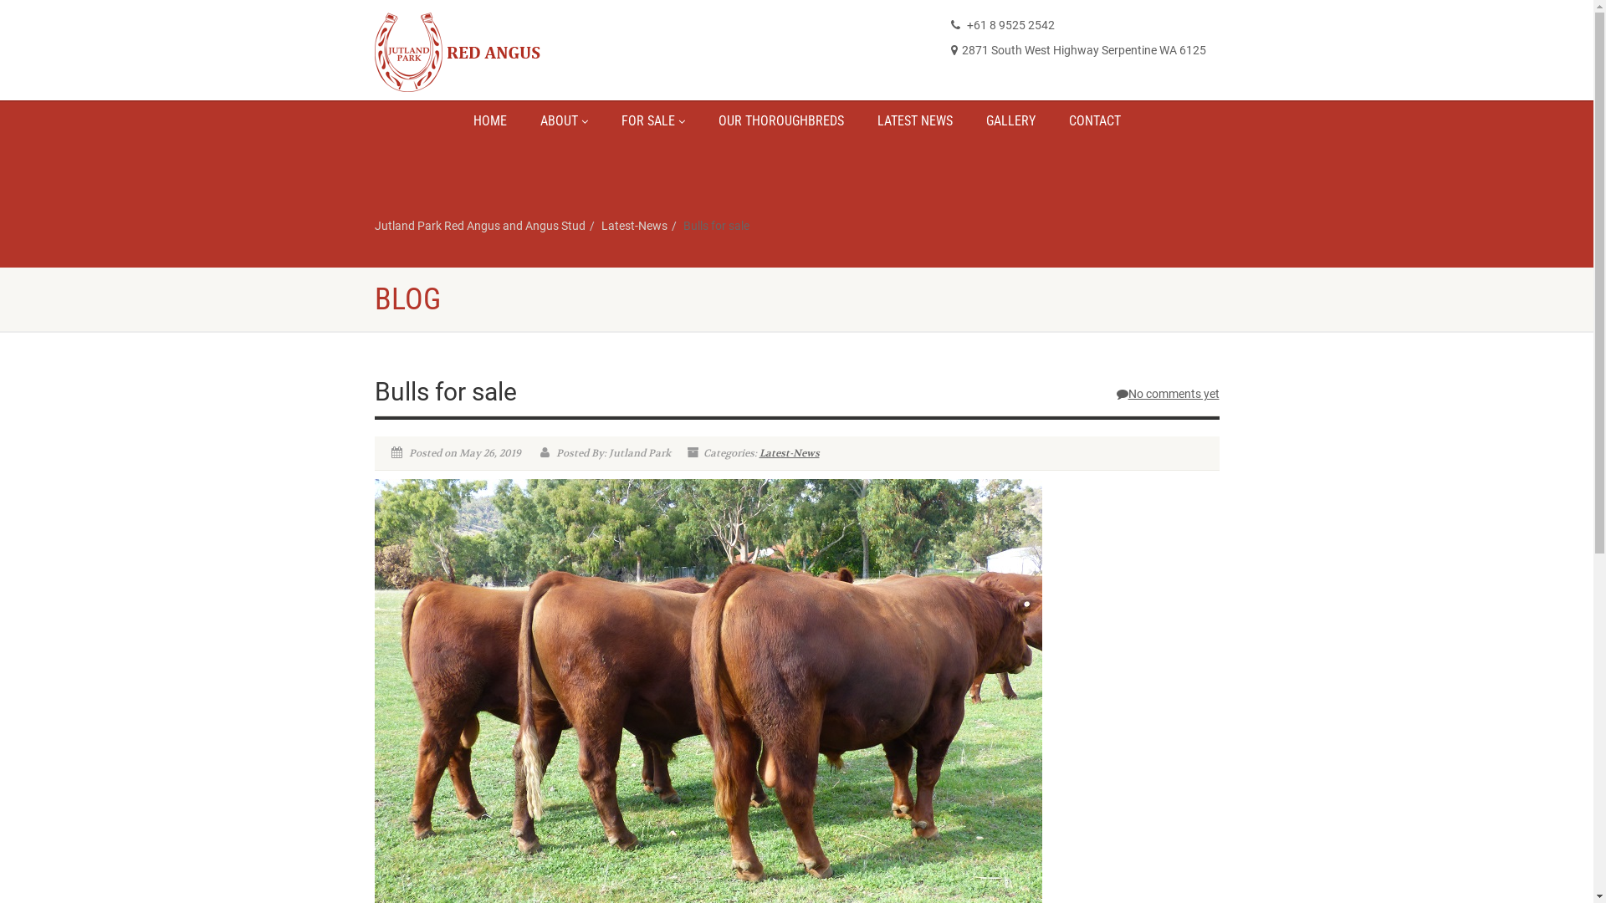 The height and width of the screenshot is (903, 1606). What do you see at coordinates (488, 120) in the screenshot?
I see `'HOME'` at bounding box center [488, 120].